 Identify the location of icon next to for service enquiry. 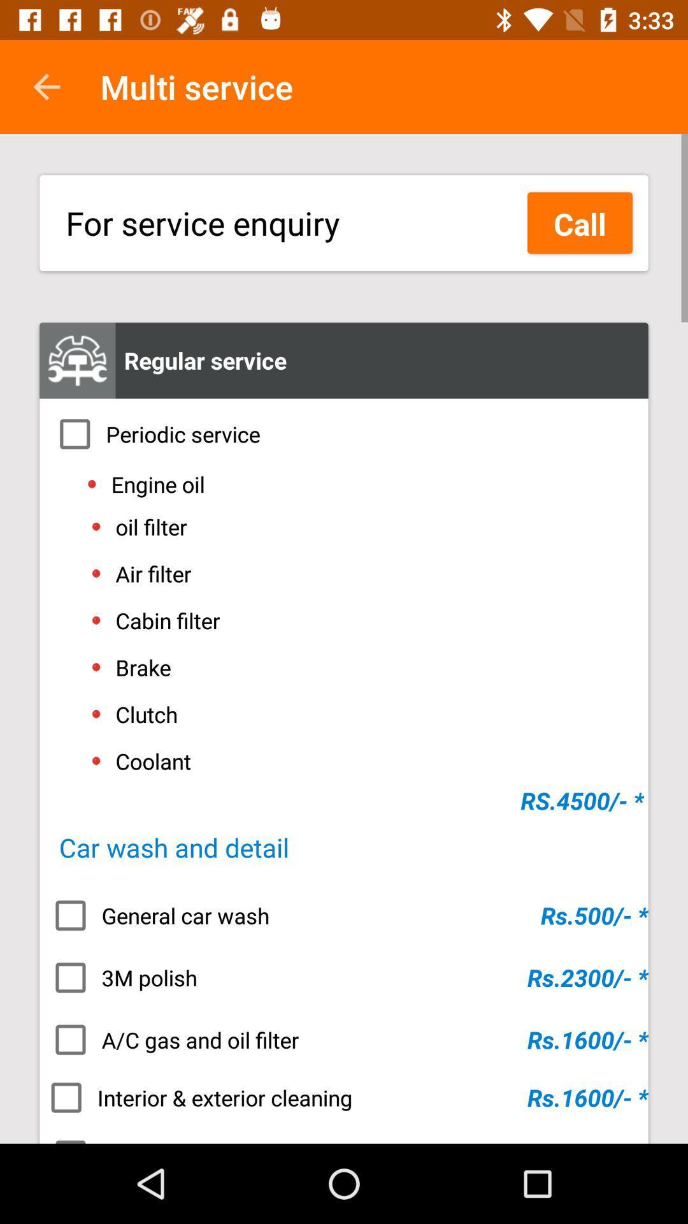
(580, 222).